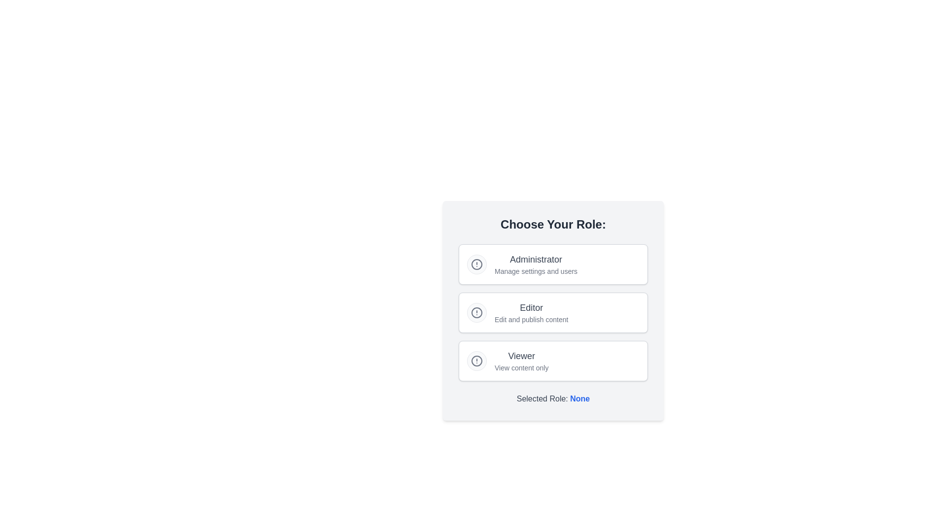  What do you see at coordinates (477, 361) in the screenshot?
I see `the gray circular icon with an exclamation mark inside, located in the 'Viewer' role option` at bounding box center [477, 361].